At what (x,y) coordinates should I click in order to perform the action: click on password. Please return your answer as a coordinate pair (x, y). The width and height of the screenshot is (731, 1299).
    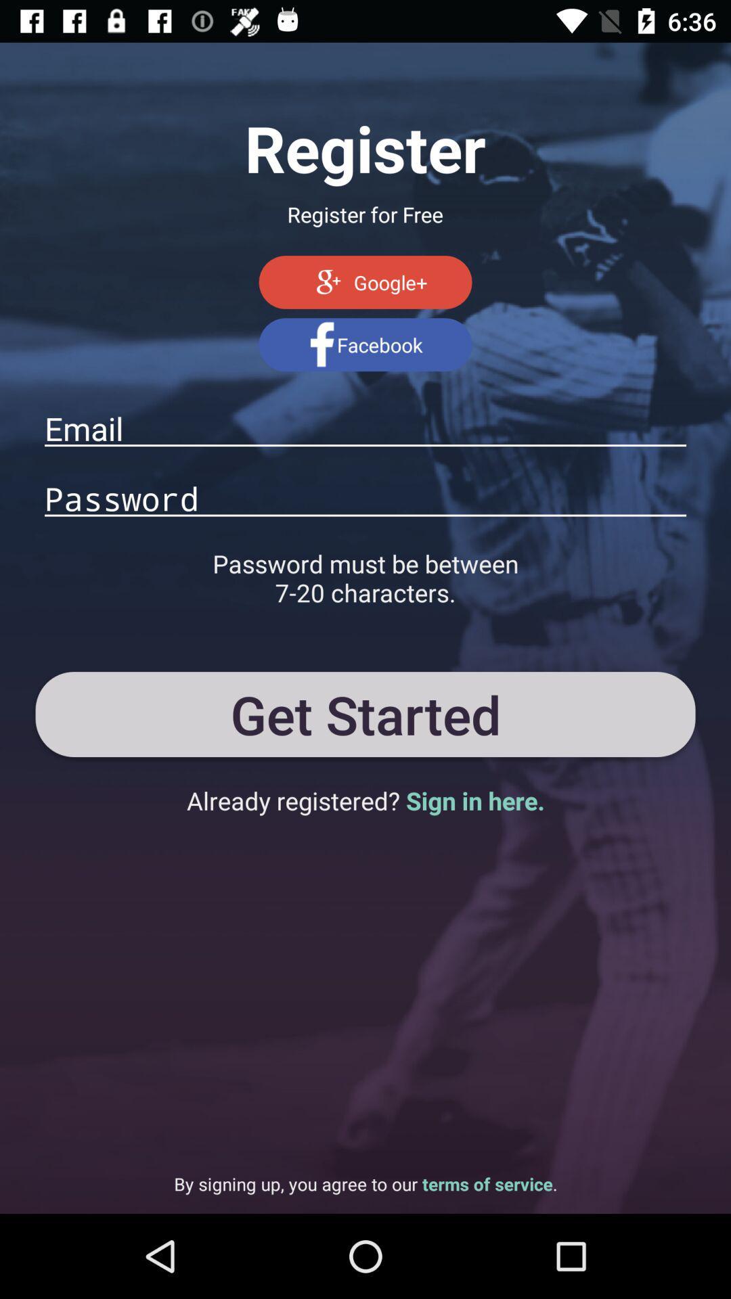
    Looking at the image, I should click on (365, 497).